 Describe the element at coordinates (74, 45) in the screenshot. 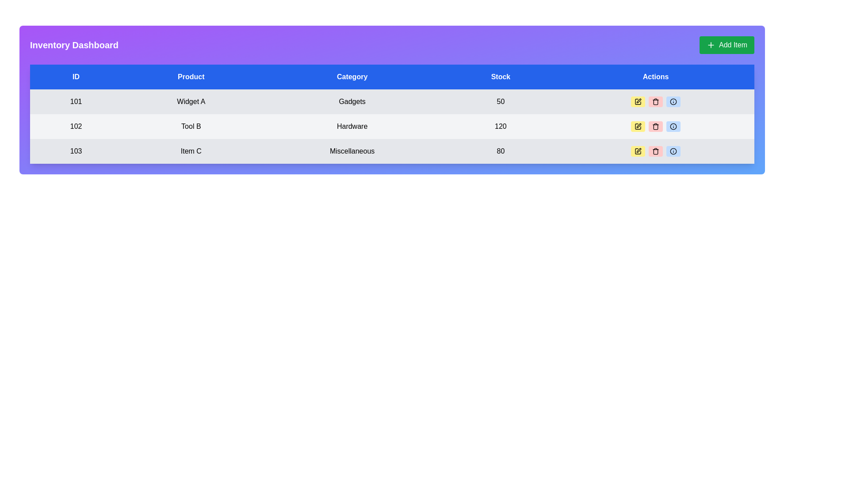

I see `the text label element that displays the name or title of the interface, located in the top-left region of the purple header area` at that location.